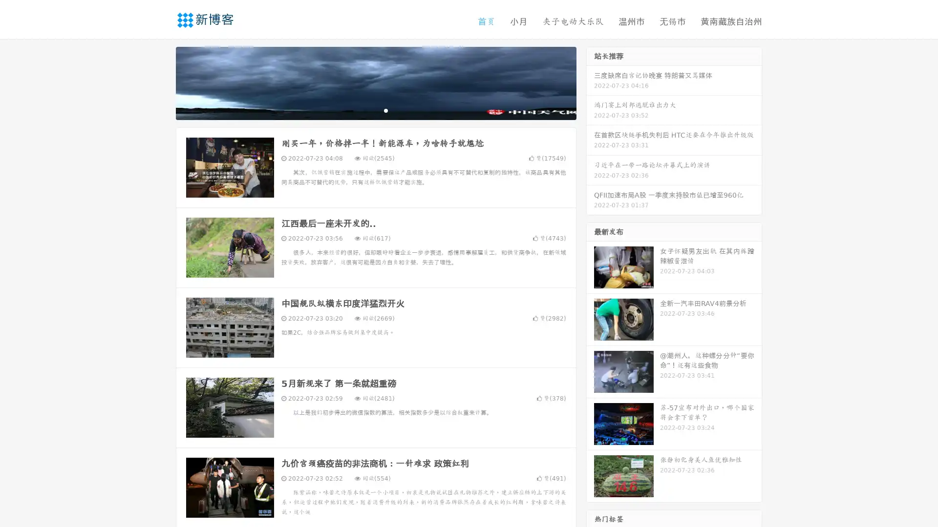 The width and height of the screenshot is (938, 527). What do you see at coordinates (590, 82) in the screenshot?
I see `Next slide` at bounding box center [590, 82].